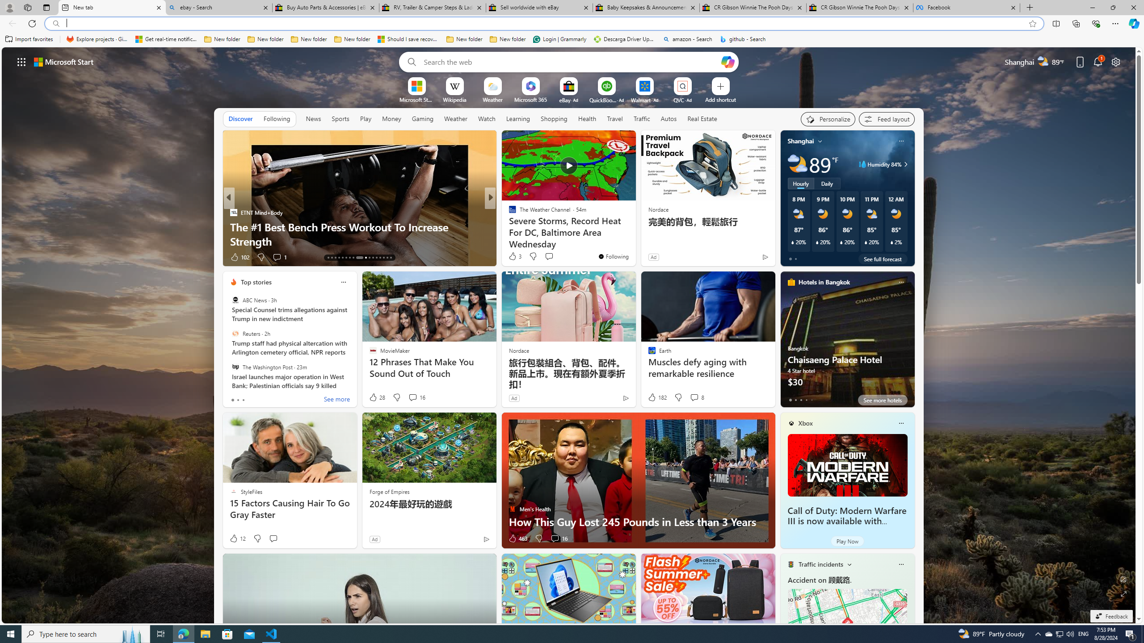 The width and height of the screenshot is (1144, 643). What do you see at coordinates (887, 119) in the screenshot?
I see `'Feed settings'` at bounding box center [887, 119].